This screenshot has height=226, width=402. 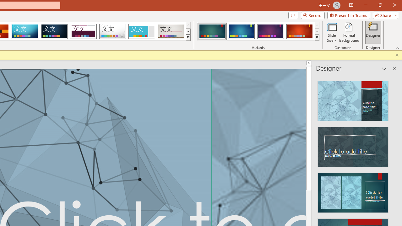 I want to click on 'Close this message', so click(x=397, y=55).